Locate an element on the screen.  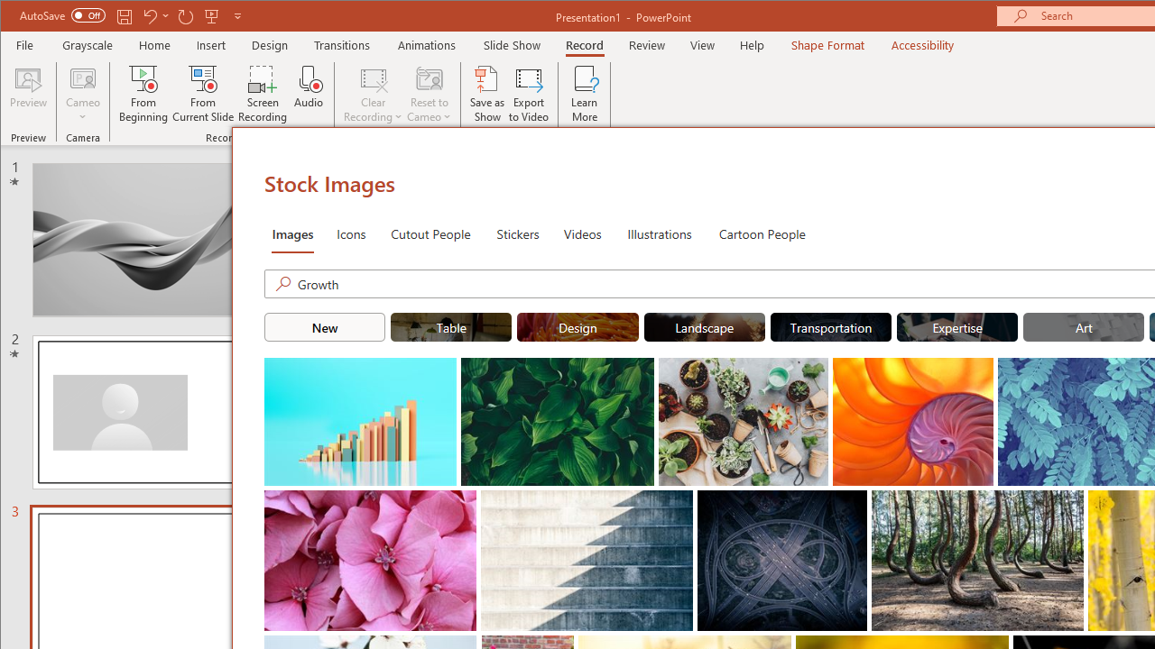
'Learn More' is located at coordinates (585, 94).